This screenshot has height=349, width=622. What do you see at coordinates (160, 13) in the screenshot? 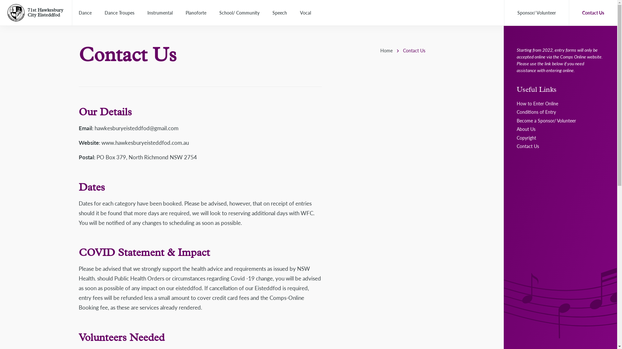
I see `'Instrumental'` at bounding box center [160, 13].